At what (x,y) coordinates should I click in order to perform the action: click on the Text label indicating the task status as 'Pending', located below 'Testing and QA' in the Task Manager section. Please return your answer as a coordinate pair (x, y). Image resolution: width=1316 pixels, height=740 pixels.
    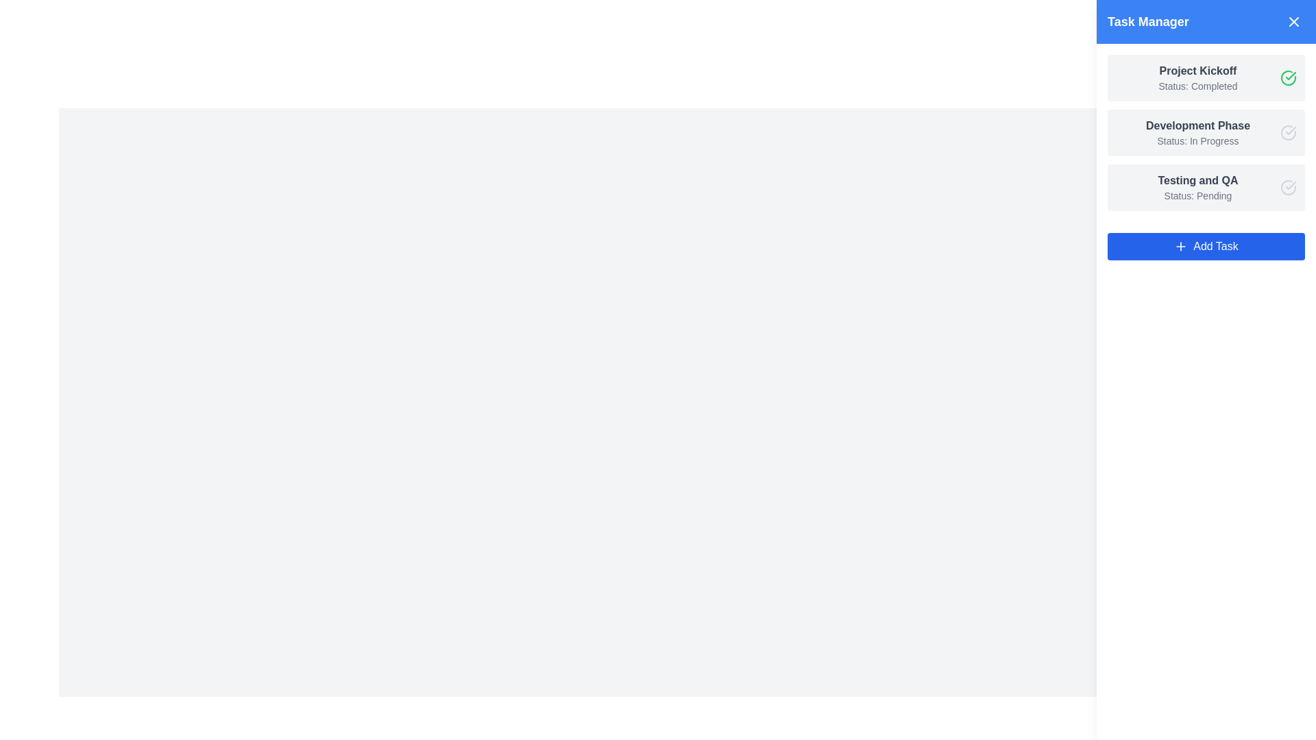
    Looking at the image, I should click on (1197, 195).